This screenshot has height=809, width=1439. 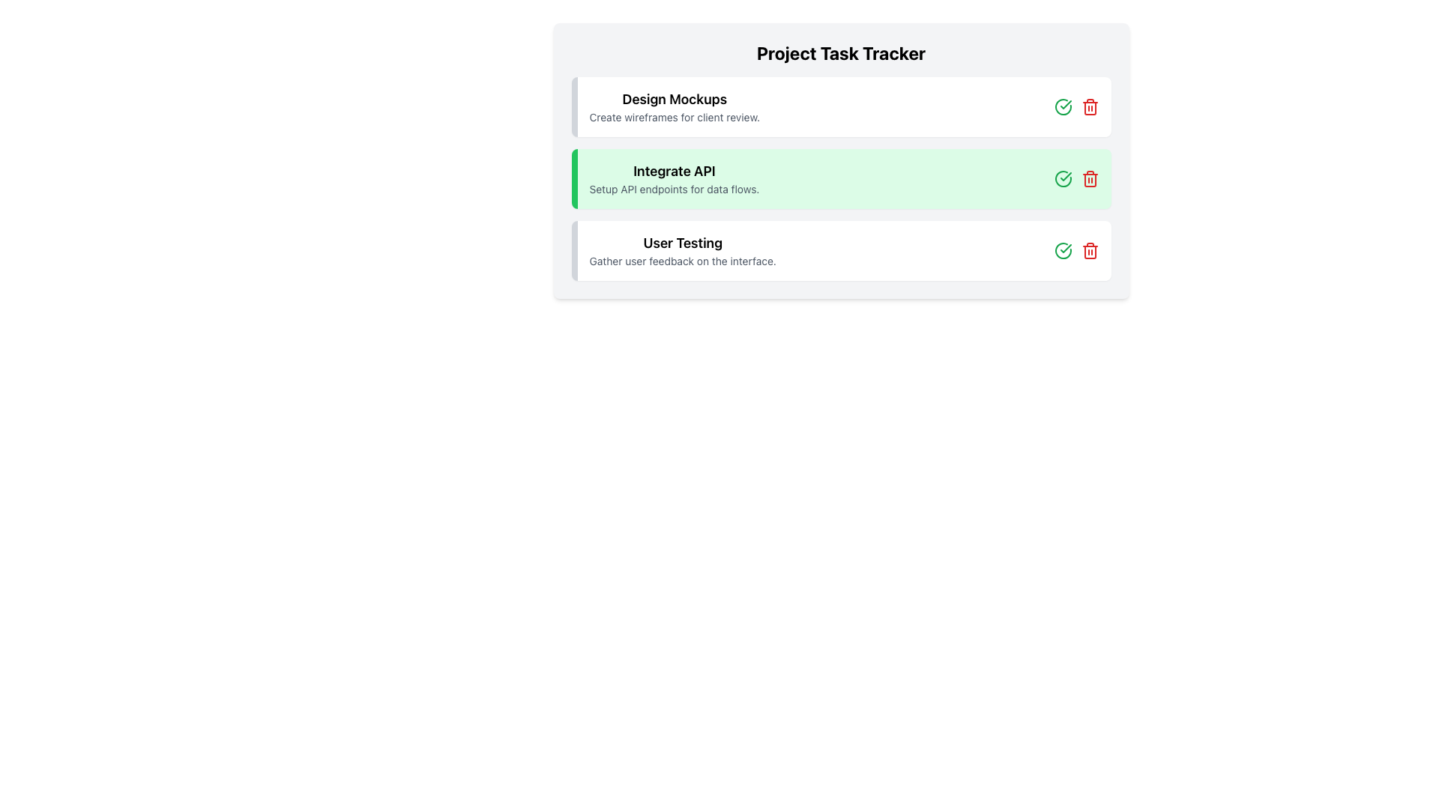 What do you see at coordinates (682, 260) in the screenshot?
I see `descriptive text label 'Gather user feedback on the interface.' located below the 'User Testing' header` at bounding box center [682, 260].